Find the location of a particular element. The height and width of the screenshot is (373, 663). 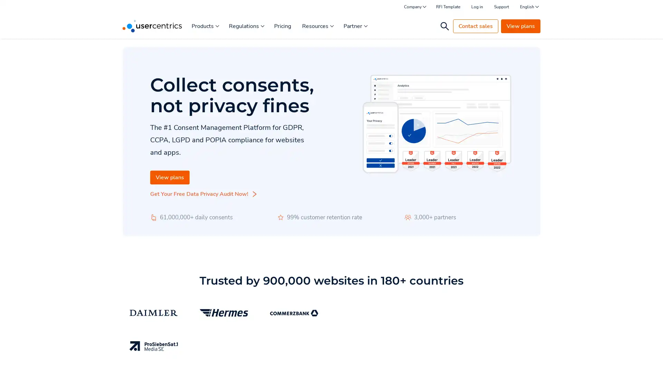

More Information is located at coordinates (87, 352).